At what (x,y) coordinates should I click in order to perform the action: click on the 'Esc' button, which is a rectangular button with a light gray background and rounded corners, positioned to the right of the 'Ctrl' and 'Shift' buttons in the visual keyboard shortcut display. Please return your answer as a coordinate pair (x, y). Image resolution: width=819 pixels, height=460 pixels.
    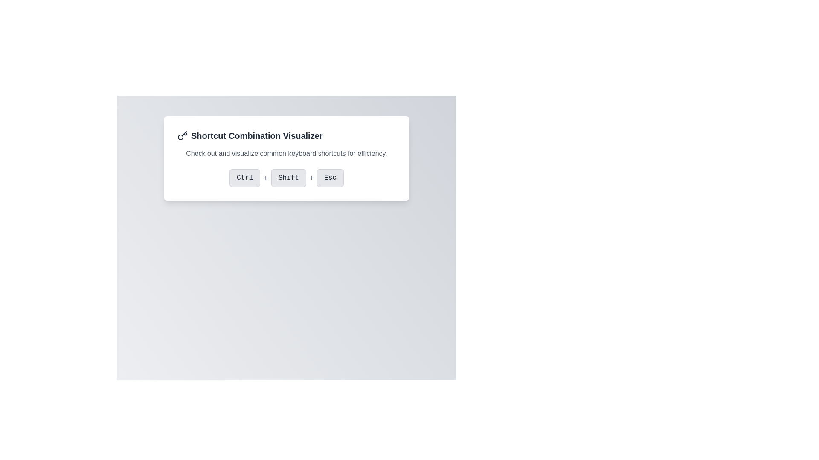
    Looking at the image, I should click on (330, 177).